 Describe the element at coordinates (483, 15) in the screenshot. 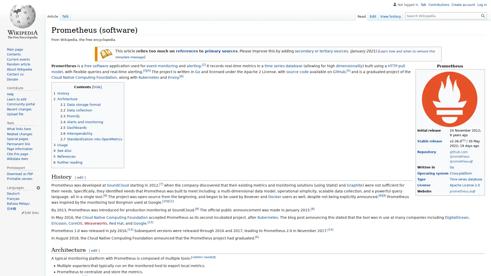

I see `Go` at that location.